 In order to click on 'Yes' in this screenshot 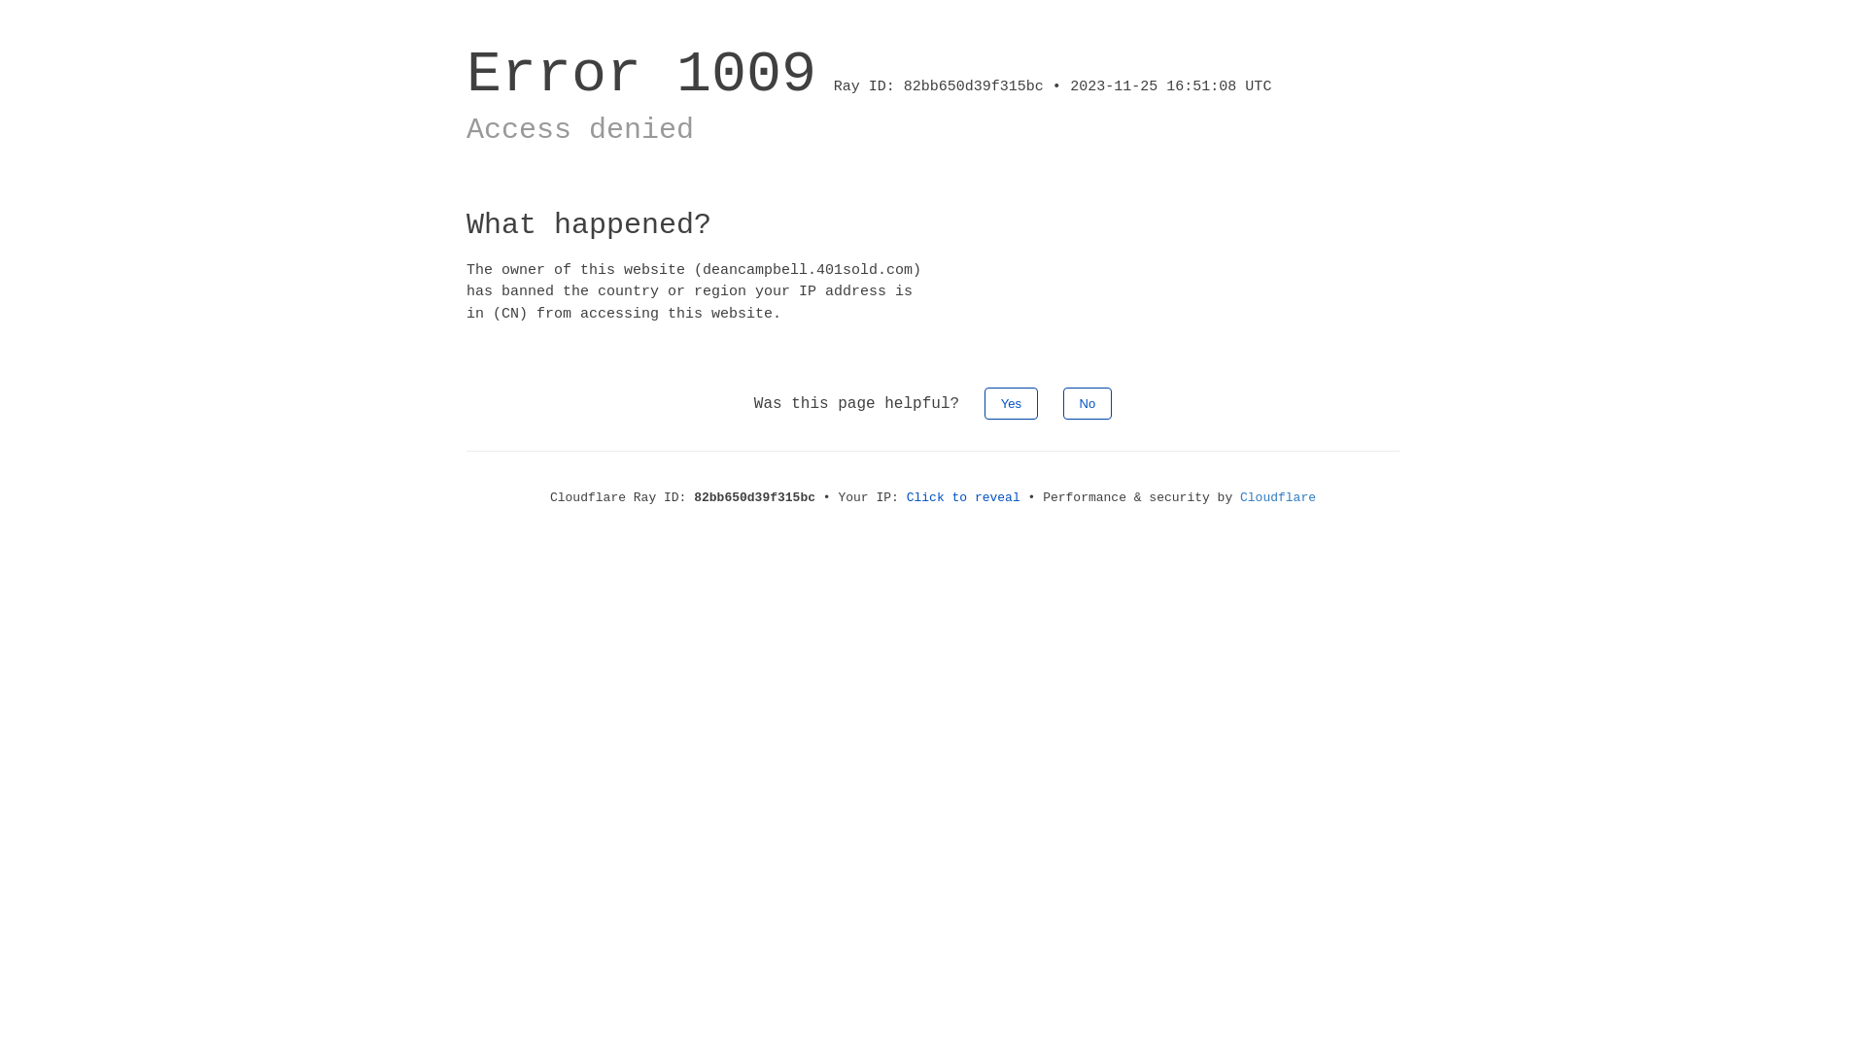, I will do `click(1011, 402)`.